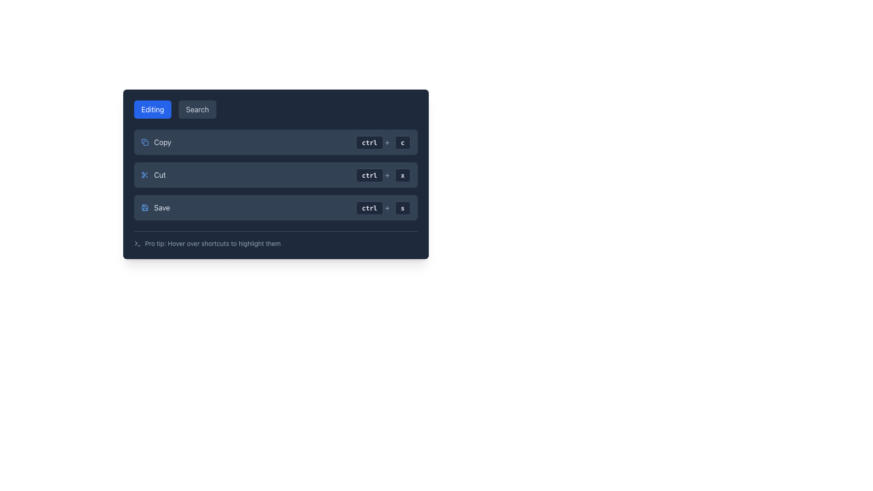  Describe the element at coordinates (402, 175) in the screenshot. I see `the small button-like interactive component with an 'x' displayed, styled with a dark background and light text, located to the right of the shortcut label 'Ctrl + x' in the third row of the list-like layout` at that location.